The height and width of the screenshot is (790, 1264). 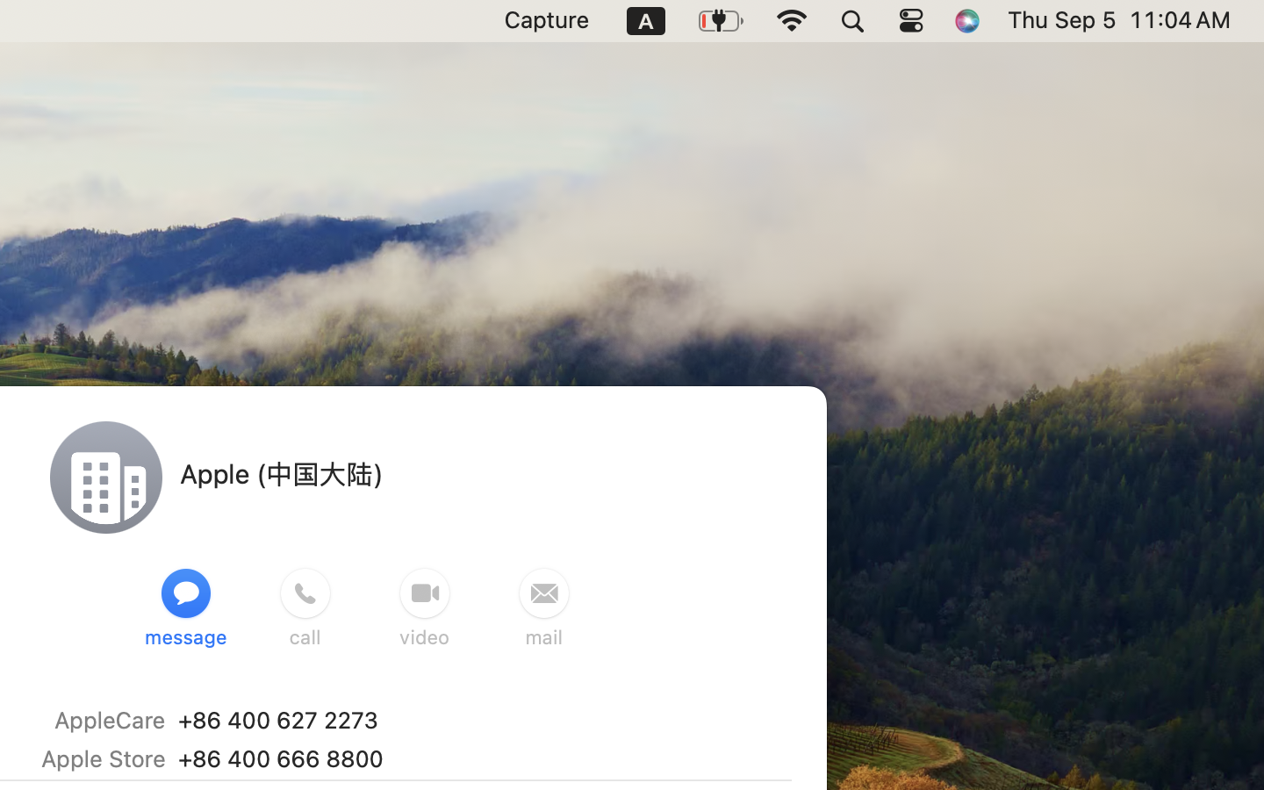 I want to click on '‭+86 400 666 8800‬', so click(x=279, y=758).